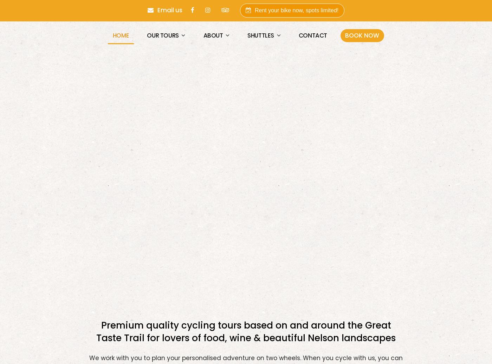  What do you see at coordinates (223, 60) in the screenshot?
I see `'Our Story'` at bounding box center [223, 60].